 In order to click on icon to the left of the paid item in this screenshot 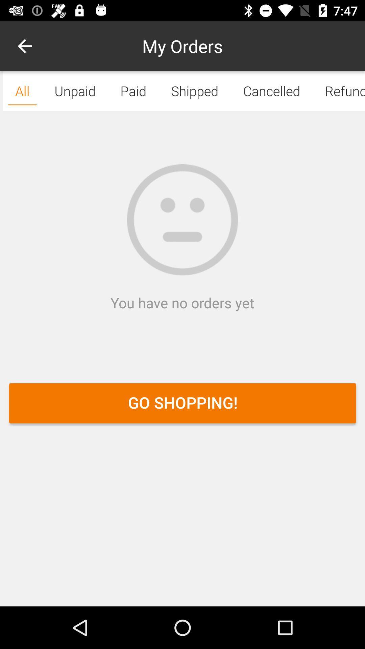, I will do `click(24, 46)`.